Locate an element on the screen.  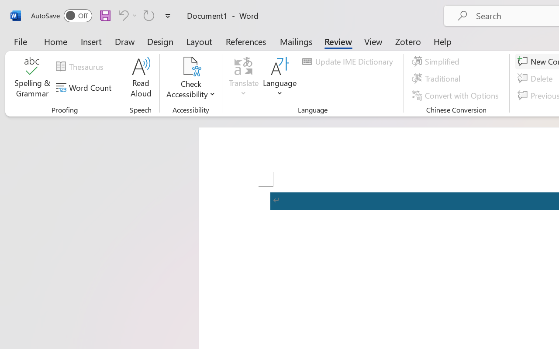
'Convert with Options...' is located at coordinates (456, 95).